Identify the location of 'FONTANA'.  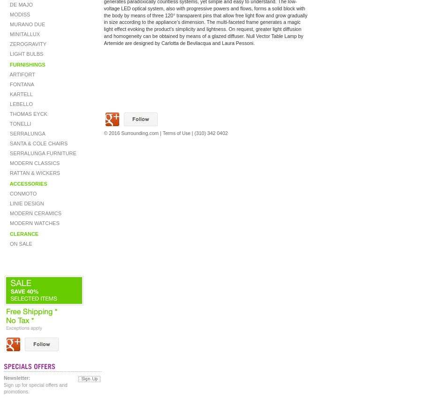
(21, 84).